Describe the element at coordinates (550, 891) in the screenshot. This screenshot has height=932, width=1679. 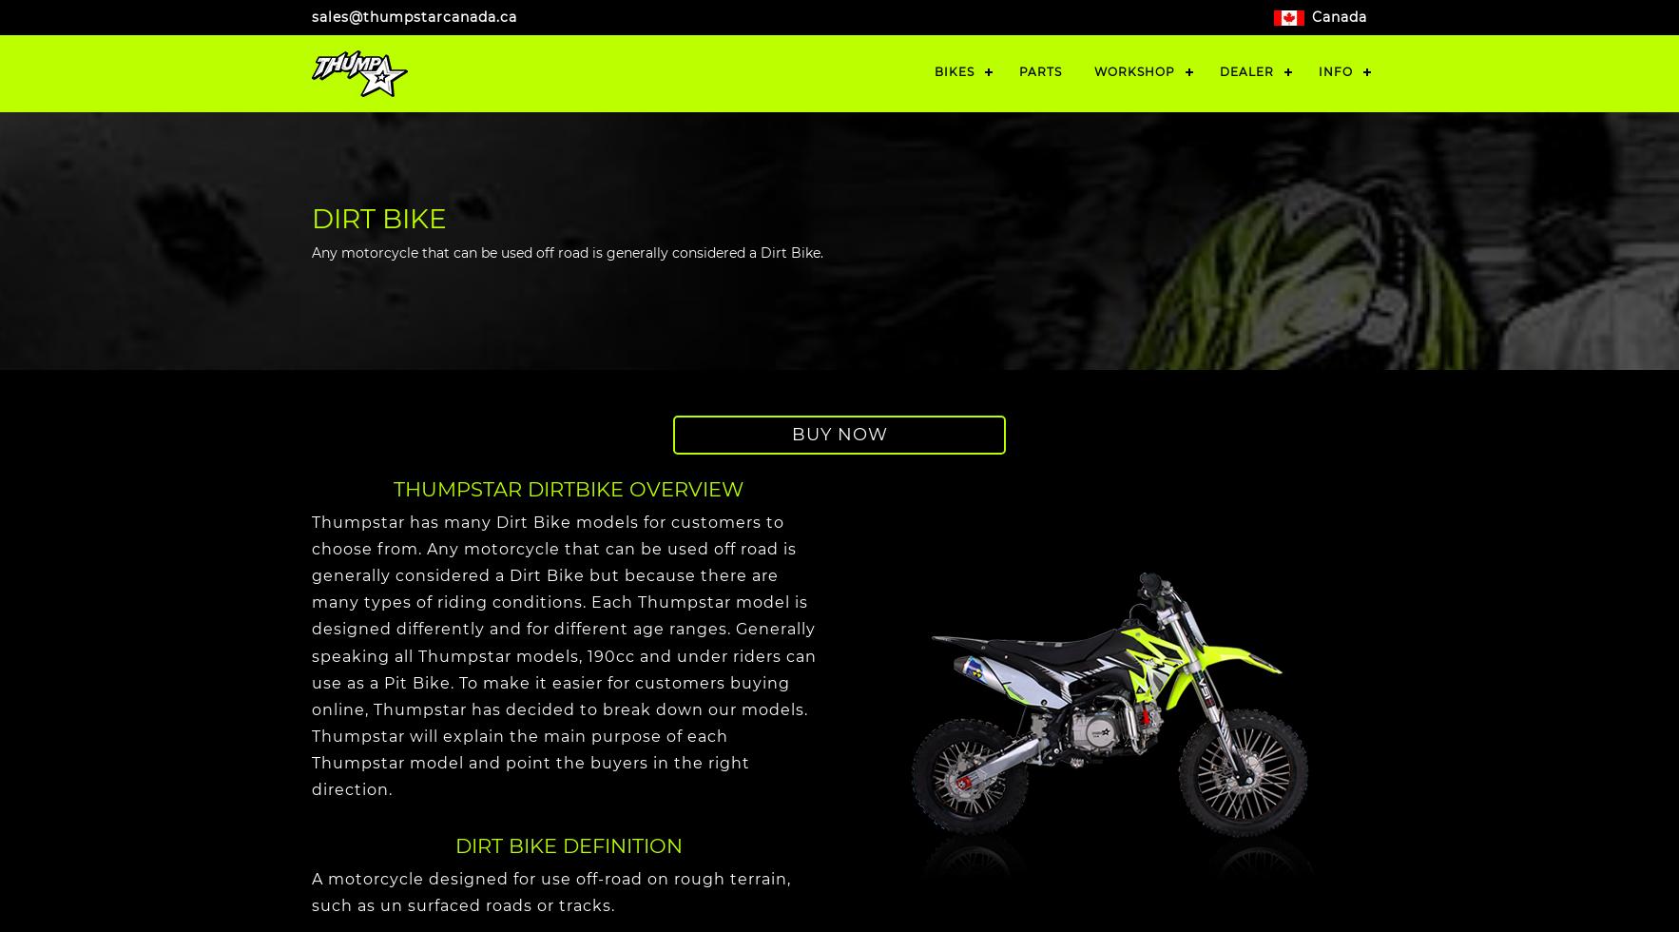
I see `'A motorcycle designed for use off-road on rough terrain, such as un surfaced roads or tracks.'` at that location.